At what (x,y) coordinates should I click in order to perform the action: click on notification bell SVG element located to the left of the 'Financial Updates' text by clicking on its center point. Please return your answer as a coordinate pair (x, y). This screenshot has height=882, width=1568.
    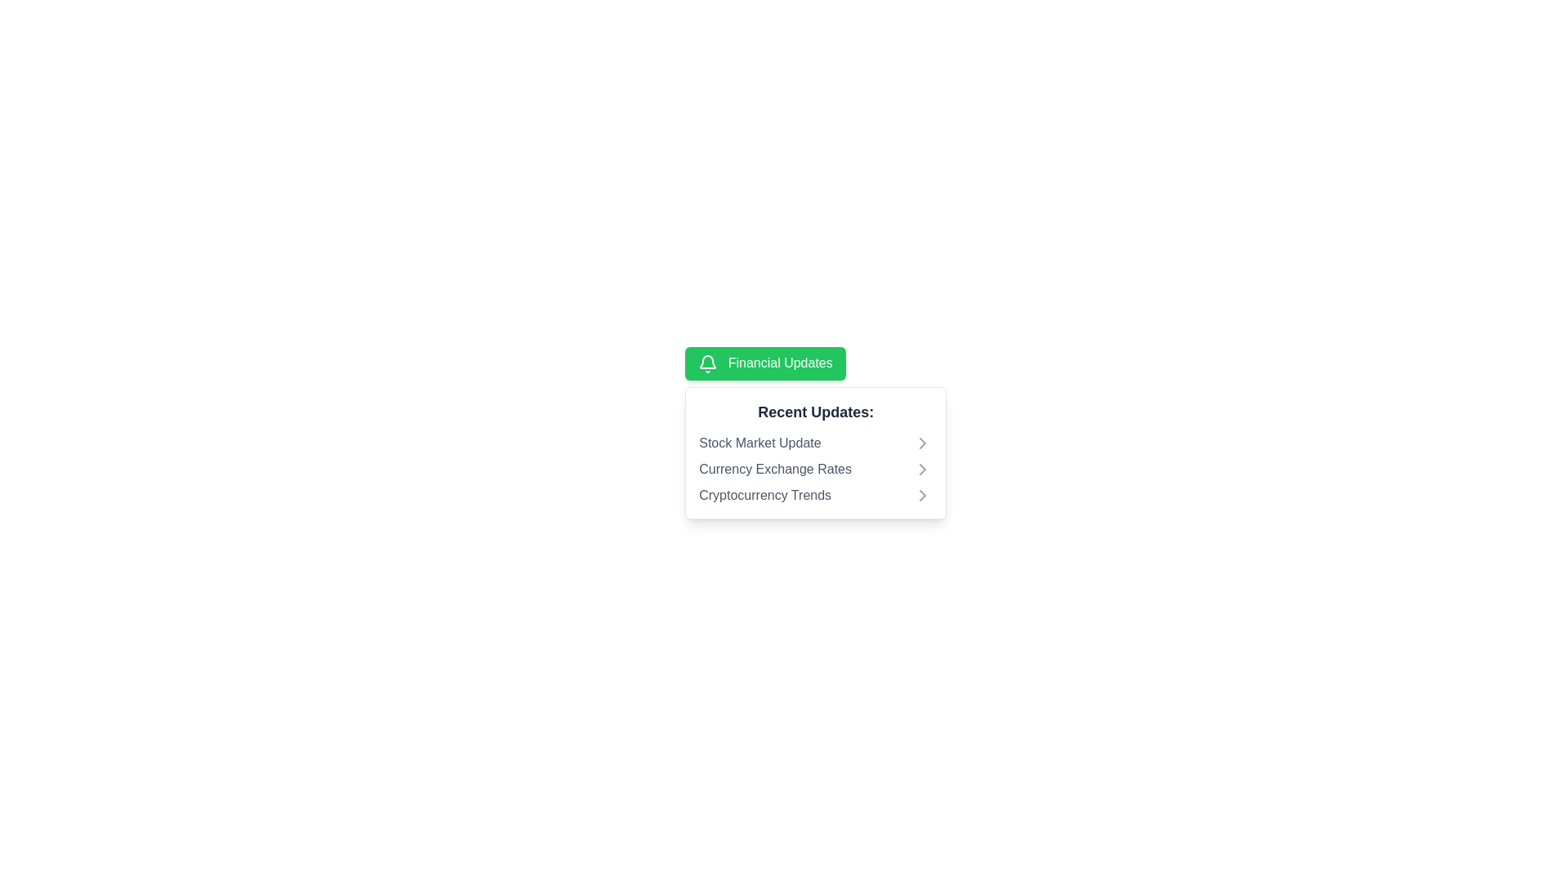
    Looking at the image, I should click on (708, 361).